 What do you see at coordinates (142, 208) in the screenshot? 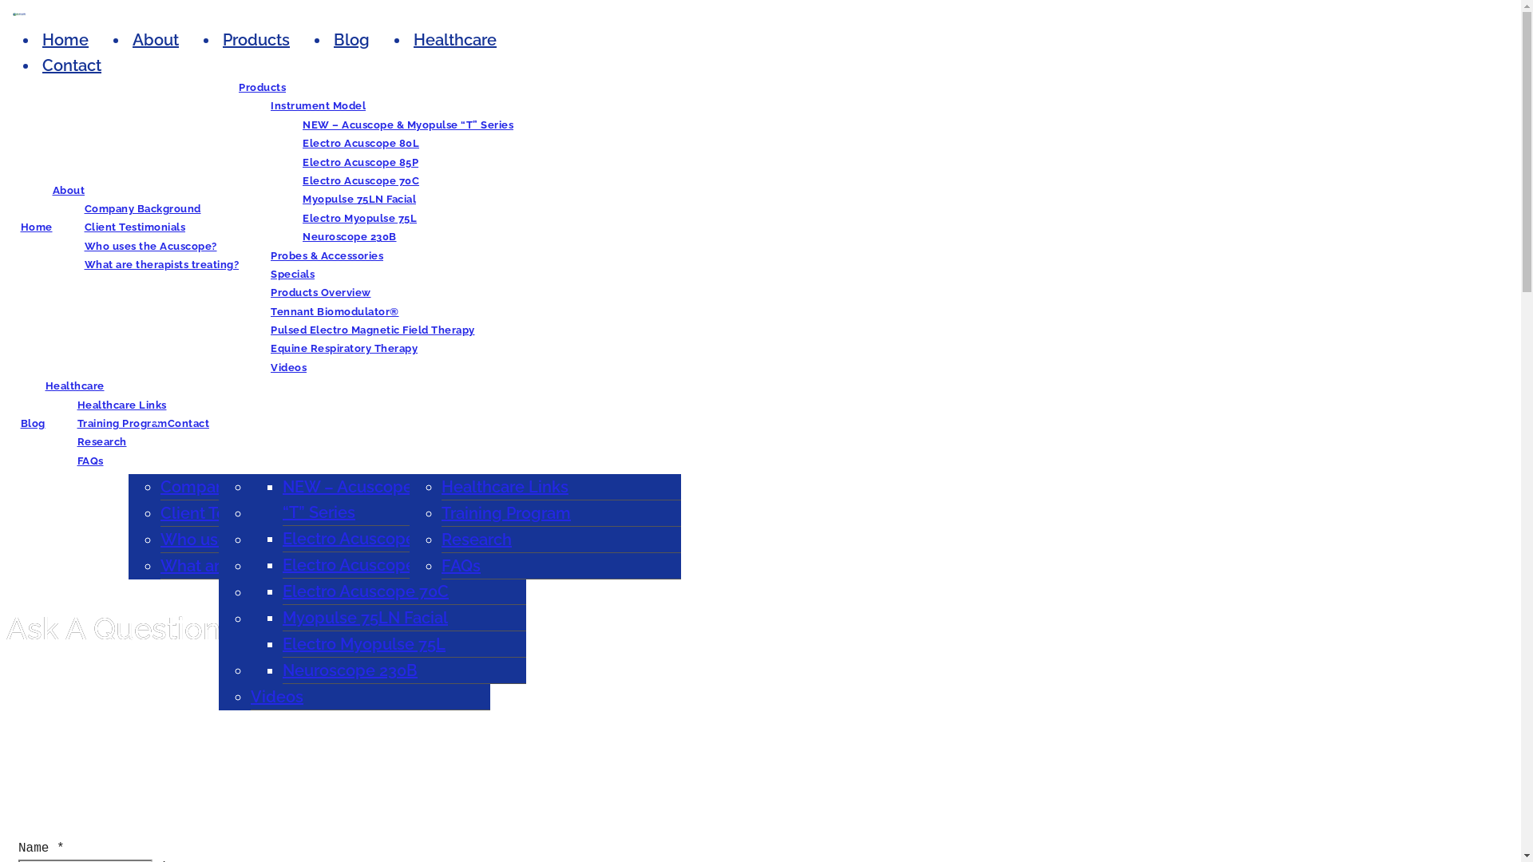
I see `'Company Background'` at bounding box center [142, 208].